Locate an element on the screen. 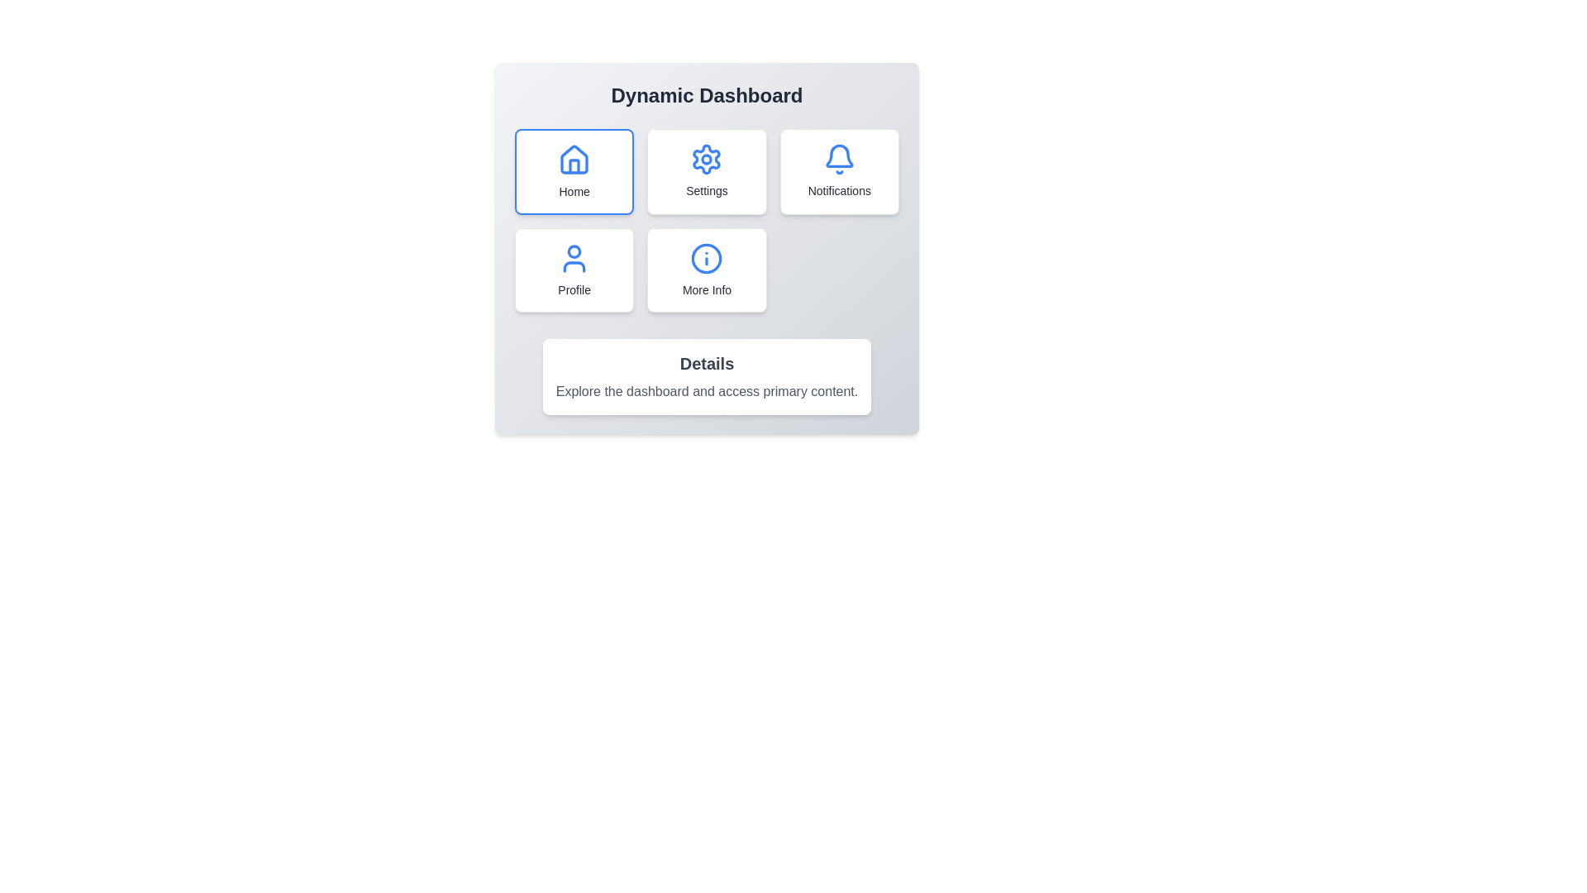 The height and width of the screenshot is (893, 1587). the lower part of the house icon, specifically resembling a door, located within the 'Home' button in the top-left of the interface grid is located at coordinates (574, 166).